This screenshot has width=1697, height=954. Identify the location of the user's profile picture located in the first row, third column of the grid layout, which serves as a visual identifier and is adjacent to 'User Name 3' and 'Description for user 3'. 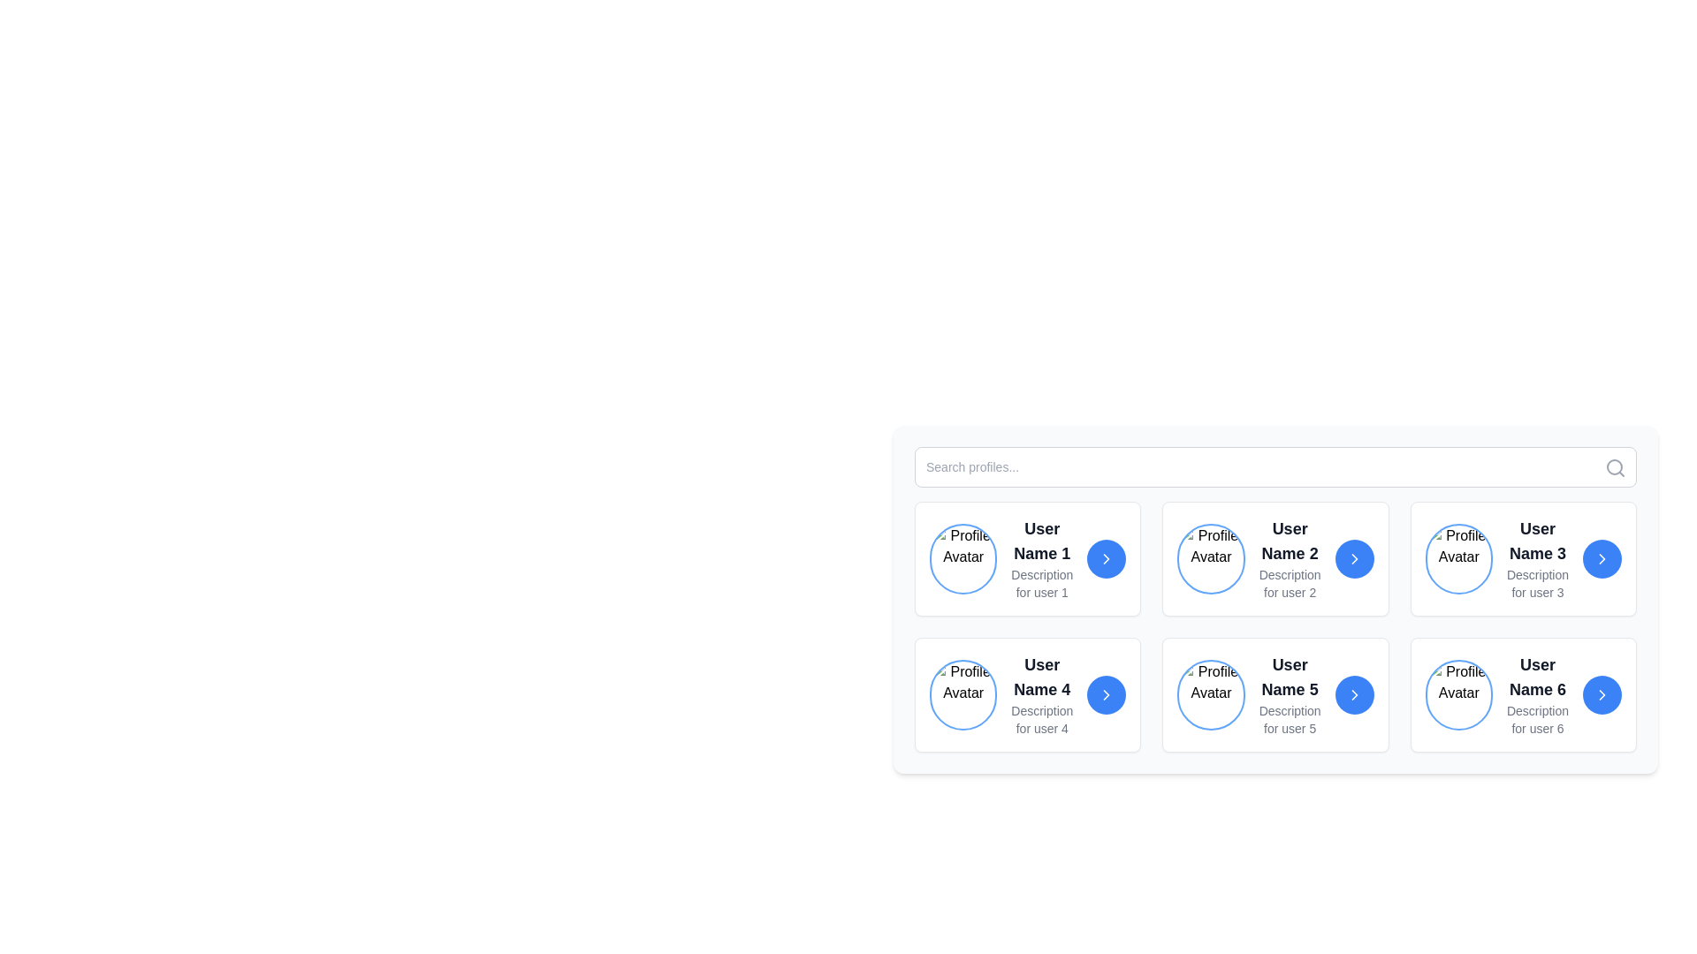
(1458, 558).